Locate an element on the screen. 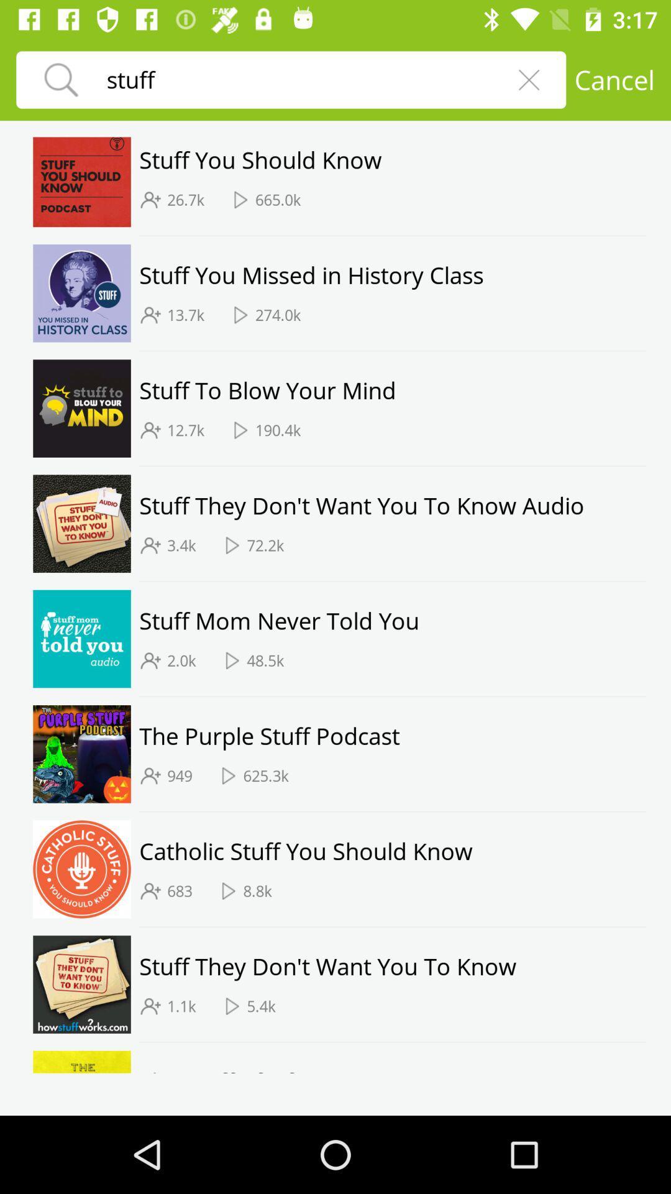  triangle icon in first option is located at coordinates (240, 200).